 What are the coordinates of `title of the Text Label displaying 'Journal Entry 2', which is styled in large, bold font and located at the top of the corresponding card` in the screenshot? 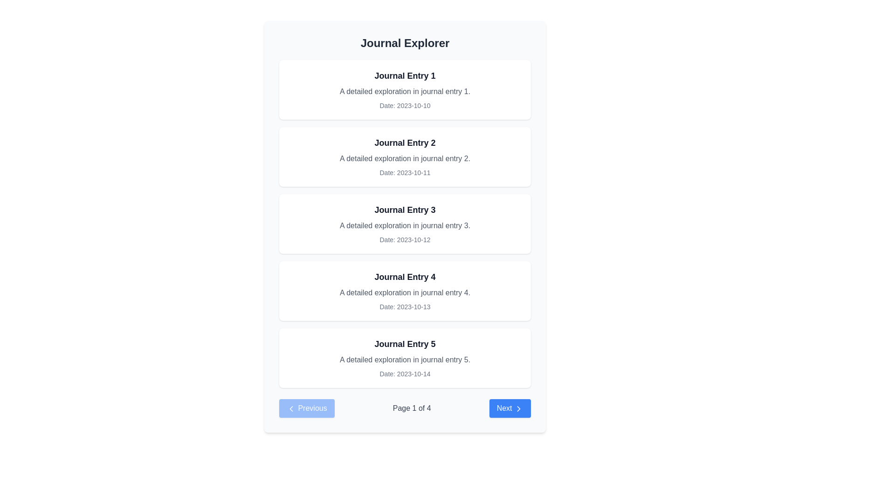 It's located at (405, 143).